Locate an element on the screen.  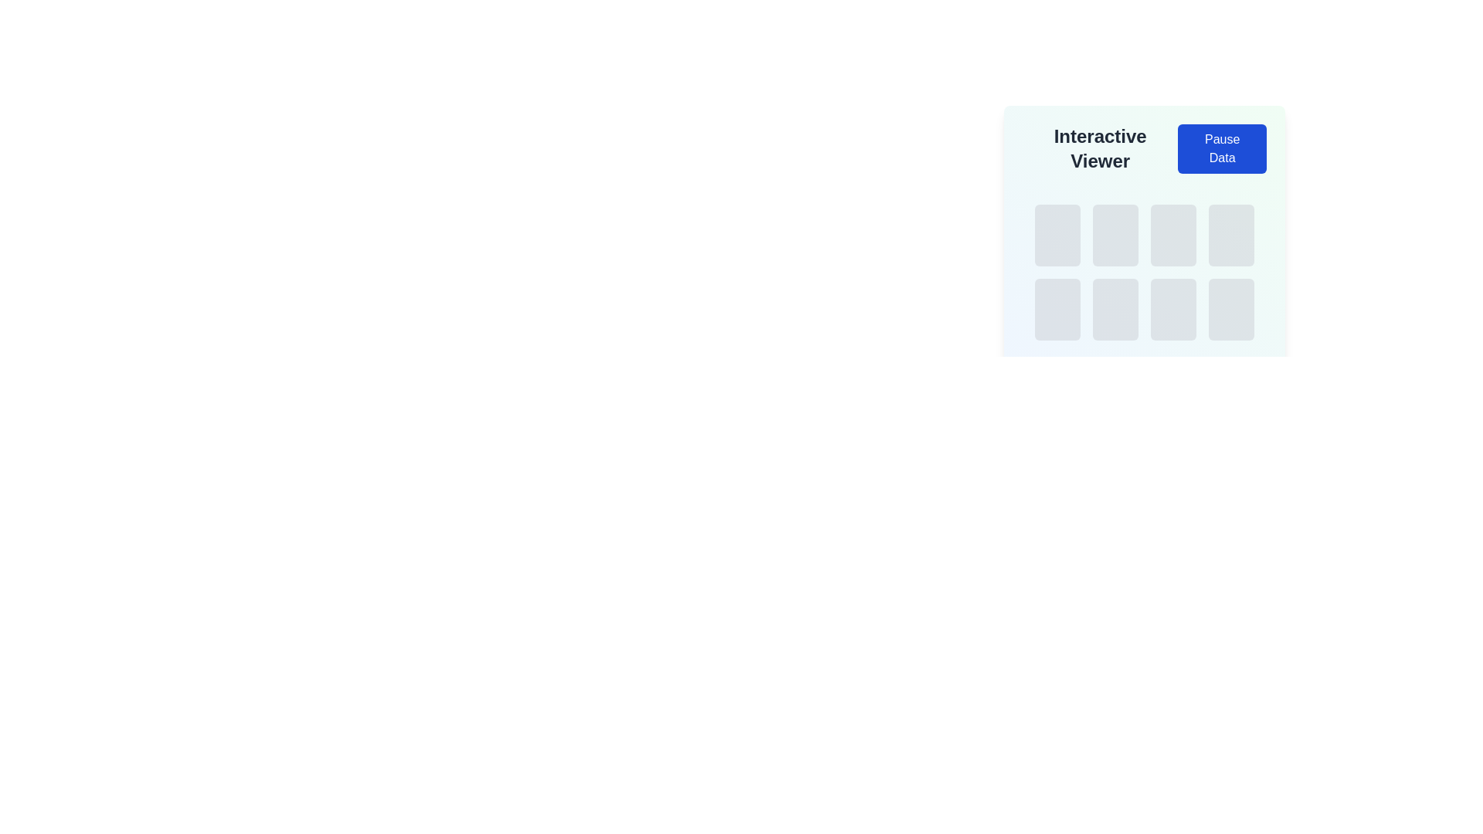
the placeholder box within the 'Interactive Viewer' card is located at coordinates (1145, 222).